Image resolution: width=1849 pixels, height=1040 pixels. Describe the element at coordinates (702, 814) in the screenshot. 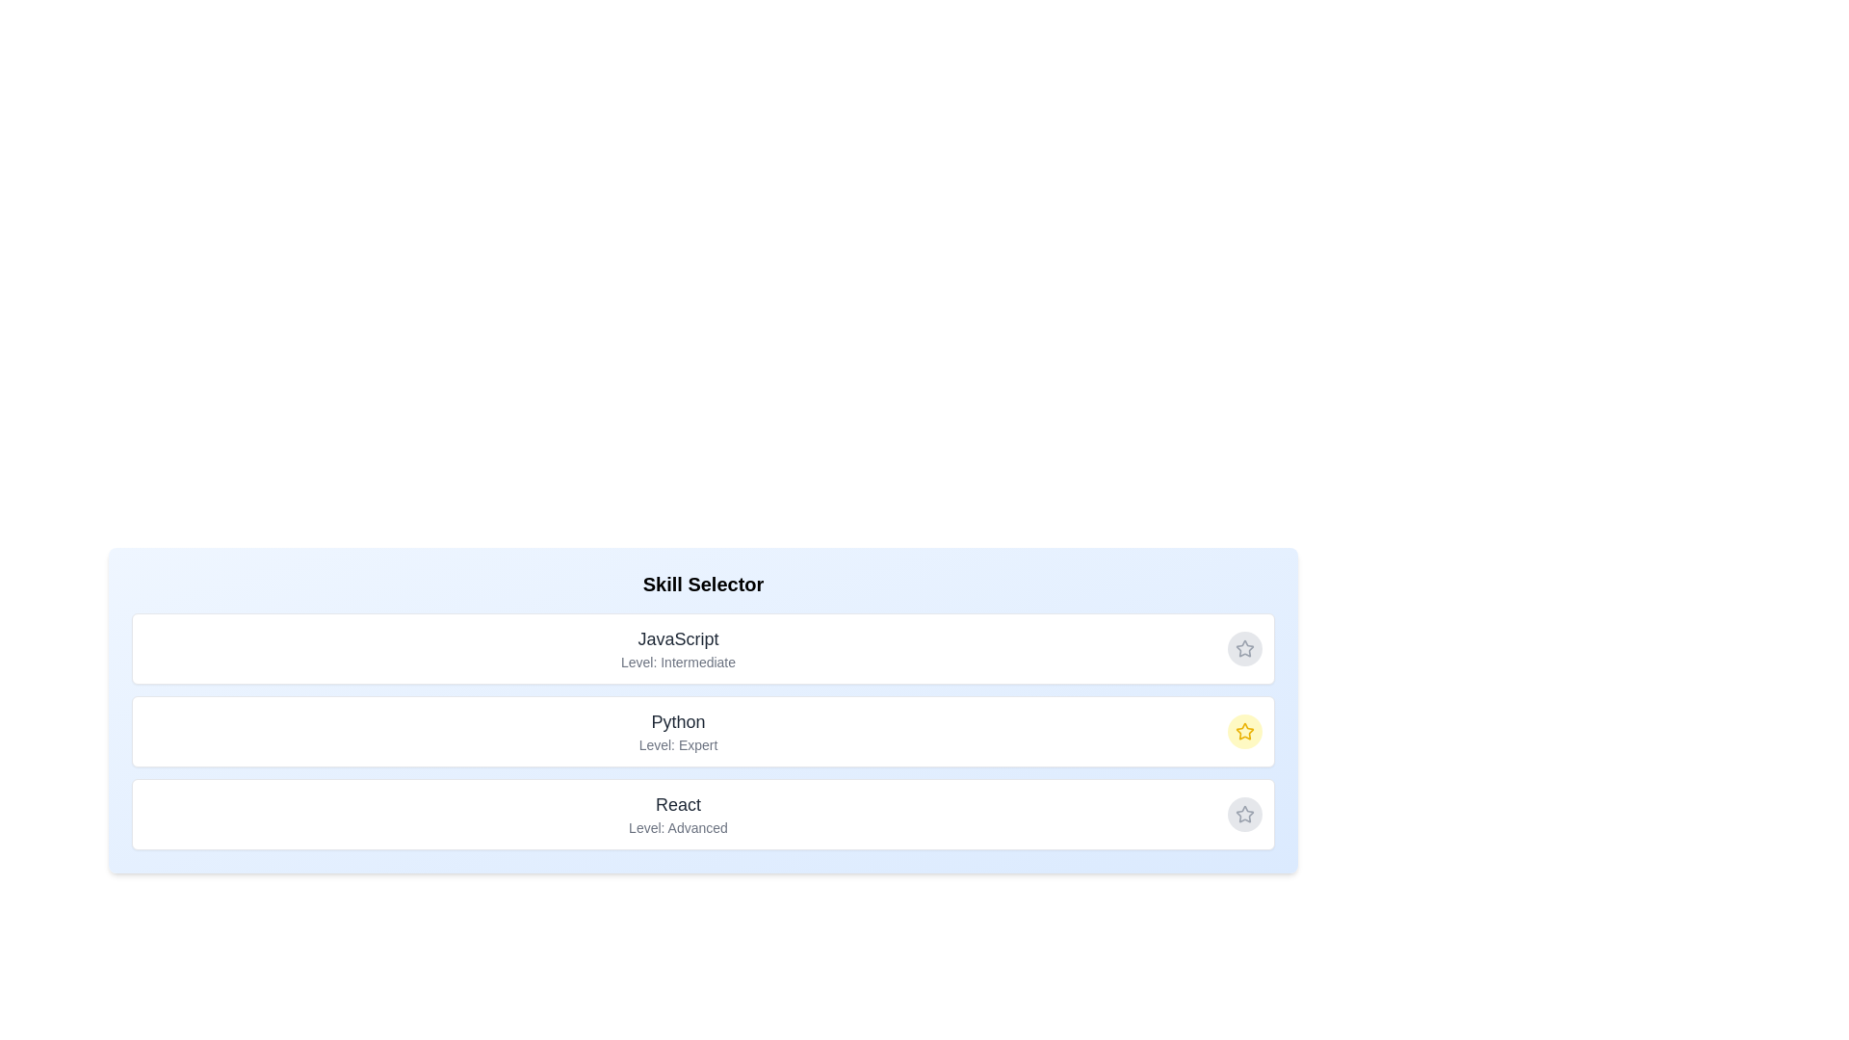

I see `the skill item React to inspect its hover effects` at that location.